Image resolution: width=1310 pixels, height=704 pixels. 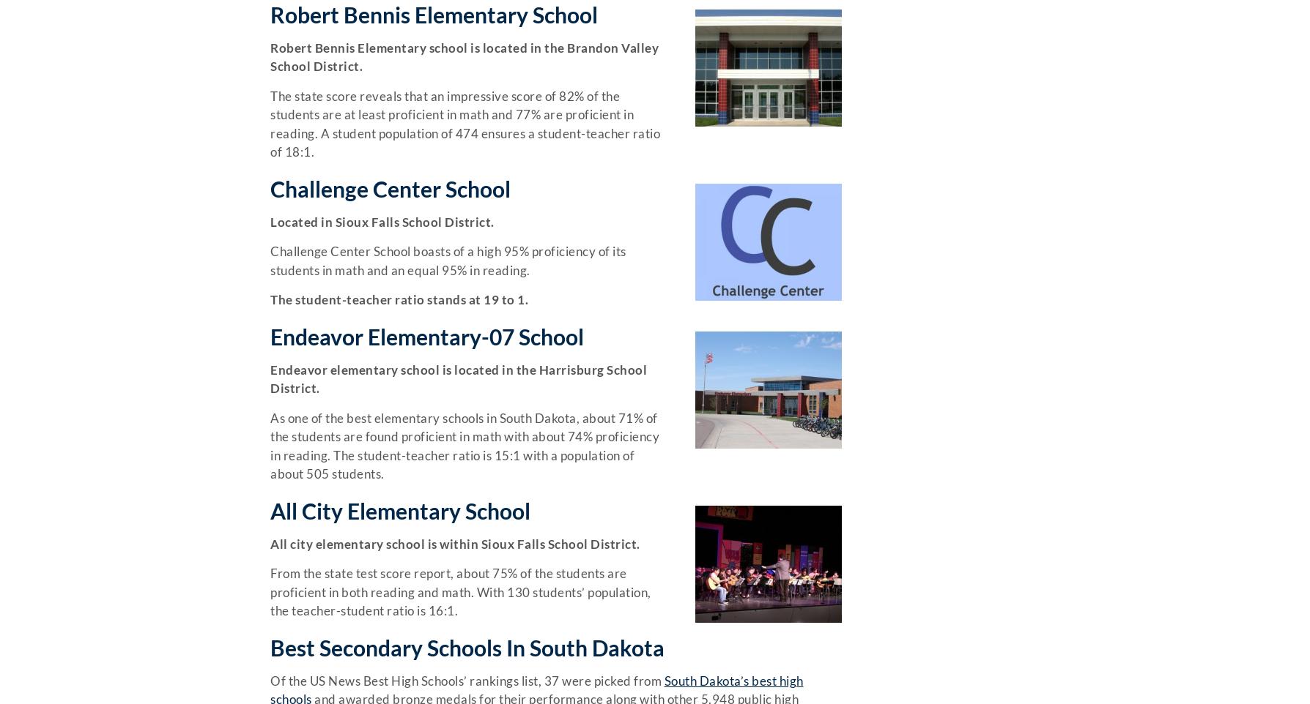 I want to click on 'All city elementary school is within Sioux Falls School District.', so click(x=270, y=543).